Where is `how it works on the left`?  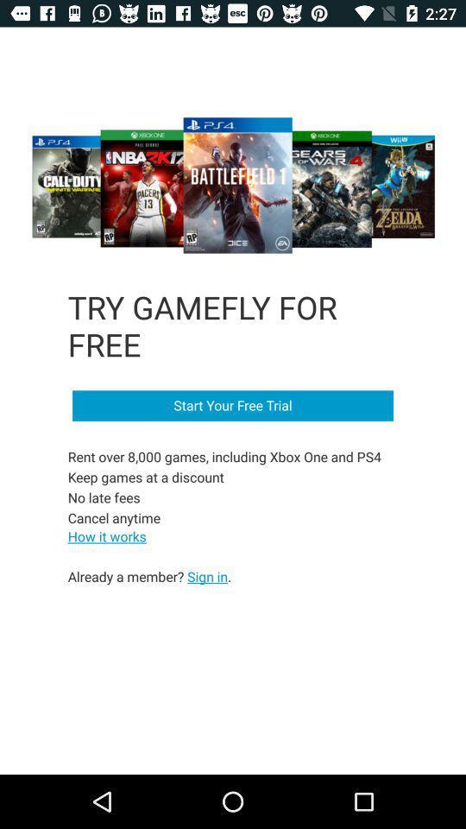
how it works on the left is located at coordinates (107, 535).